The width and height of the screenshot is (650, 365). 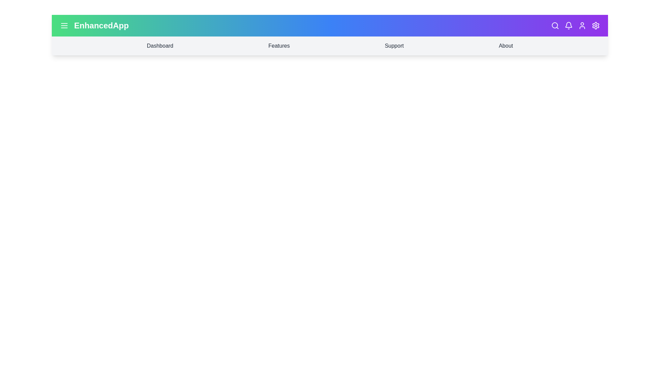 What do you see at coordinates (101, 25) in the screenshot?
I see `the EnhancedApp title by moving the cursor to its center position` at bounding box center [101, 25].